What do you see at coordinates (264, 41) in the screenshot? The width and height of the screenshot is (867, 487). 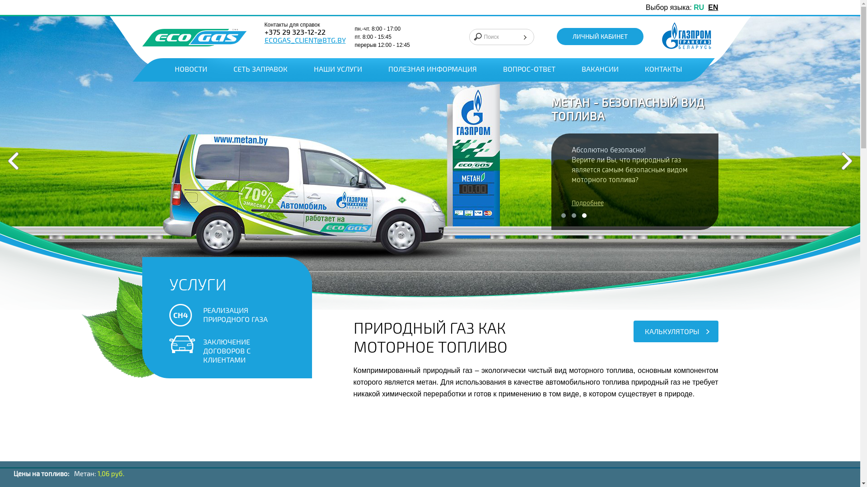 I see `'ECOGAS_CLIENT@BTG.BY'` at bounding box center [264, 41].